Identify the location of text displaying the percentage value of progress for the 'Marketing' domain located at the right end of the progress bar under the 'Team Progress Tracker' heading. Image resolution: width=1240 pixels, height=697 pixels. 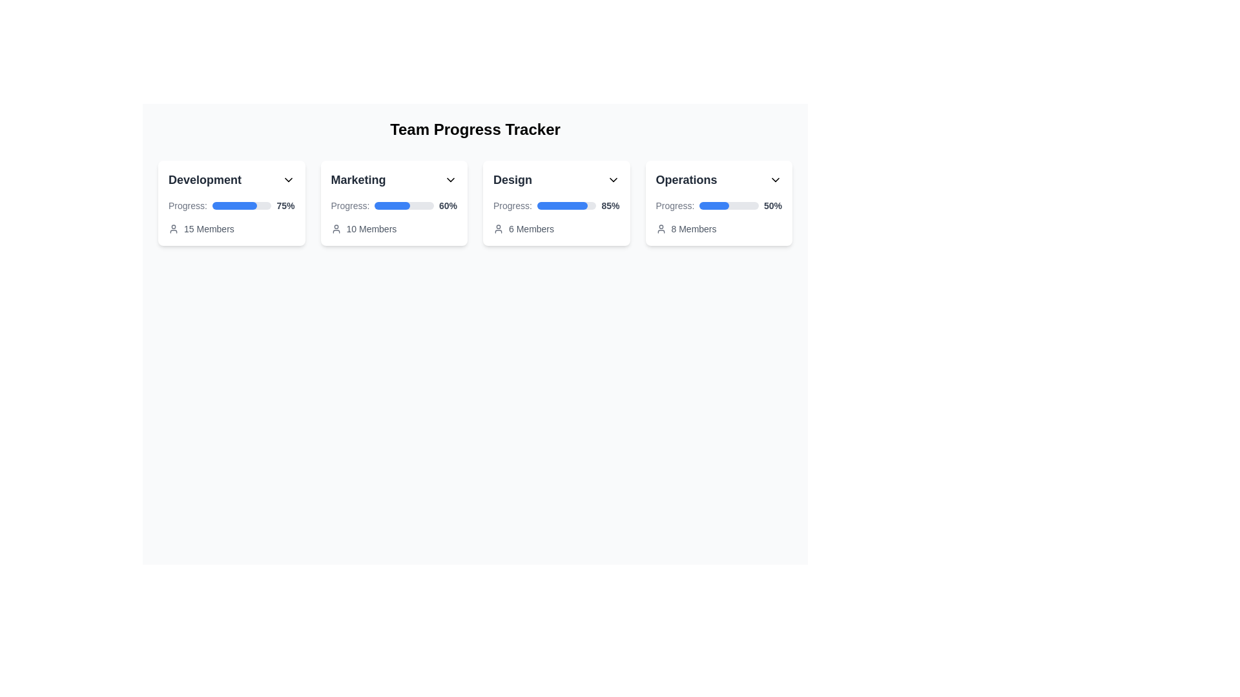
(448, 205).